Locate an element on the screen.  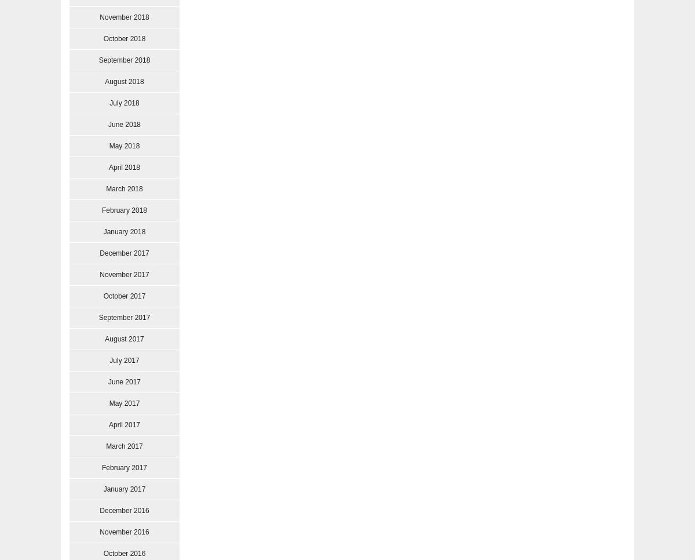
'January 2018' is located at coordinates (123, 232).